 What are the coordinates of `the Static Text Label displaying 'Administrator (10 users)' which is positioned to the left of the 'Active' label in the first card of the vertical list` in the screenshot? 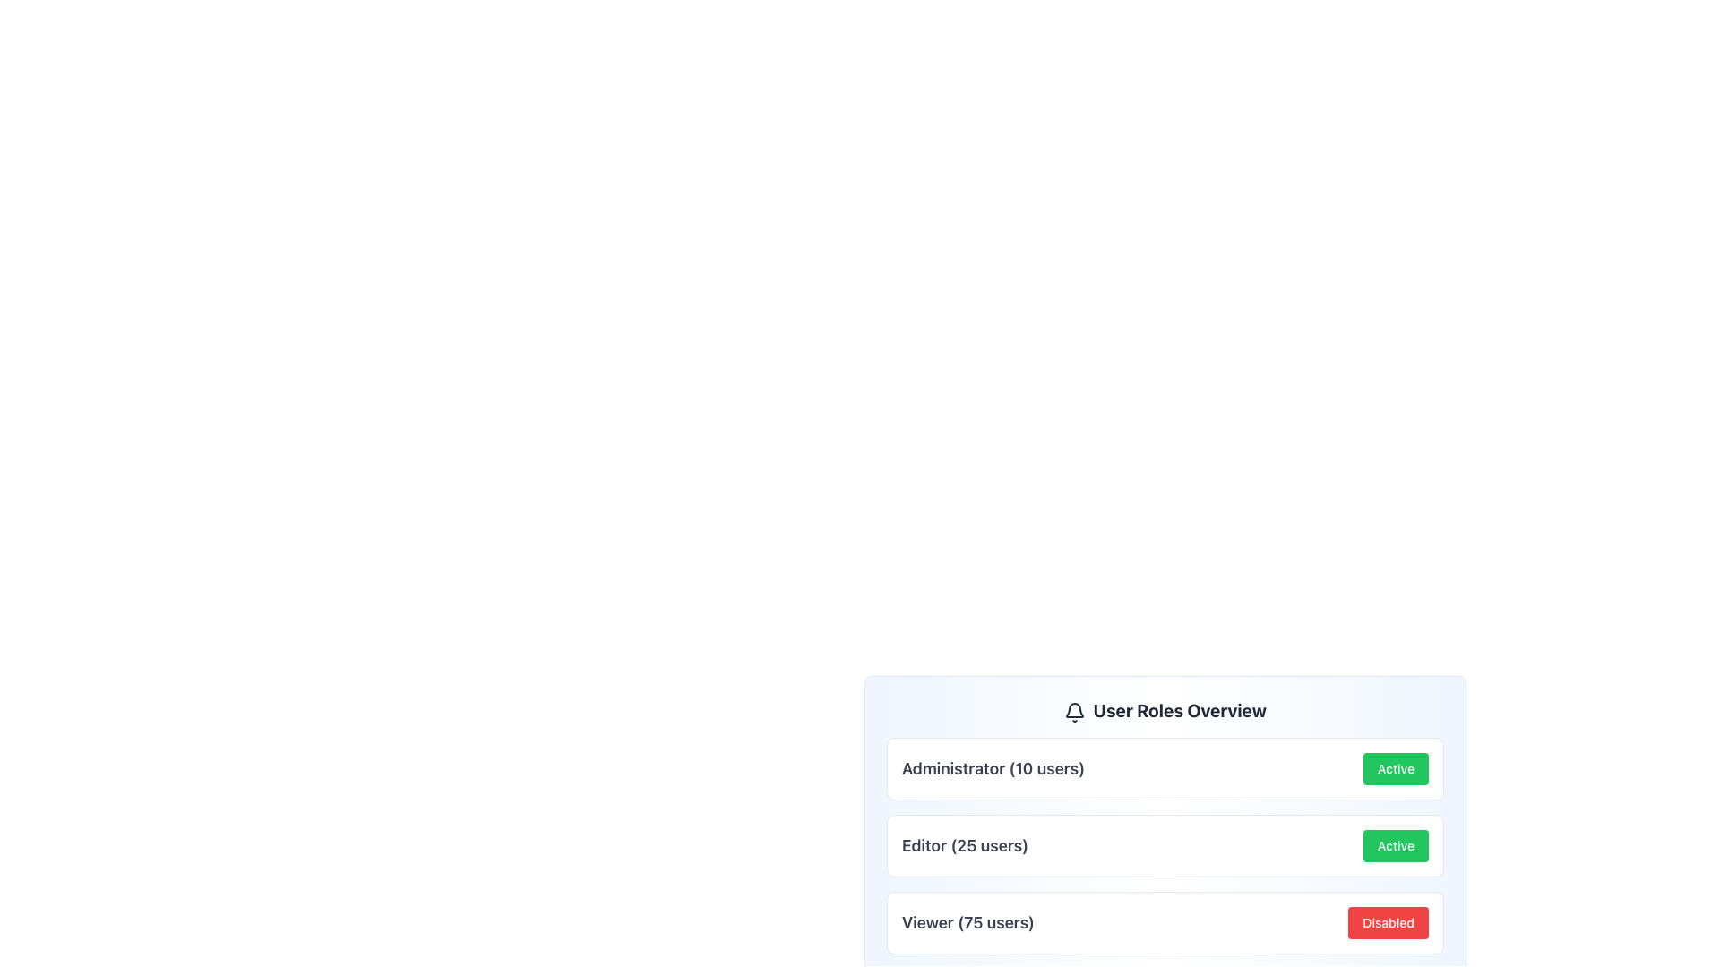 It's located at (992, 768).